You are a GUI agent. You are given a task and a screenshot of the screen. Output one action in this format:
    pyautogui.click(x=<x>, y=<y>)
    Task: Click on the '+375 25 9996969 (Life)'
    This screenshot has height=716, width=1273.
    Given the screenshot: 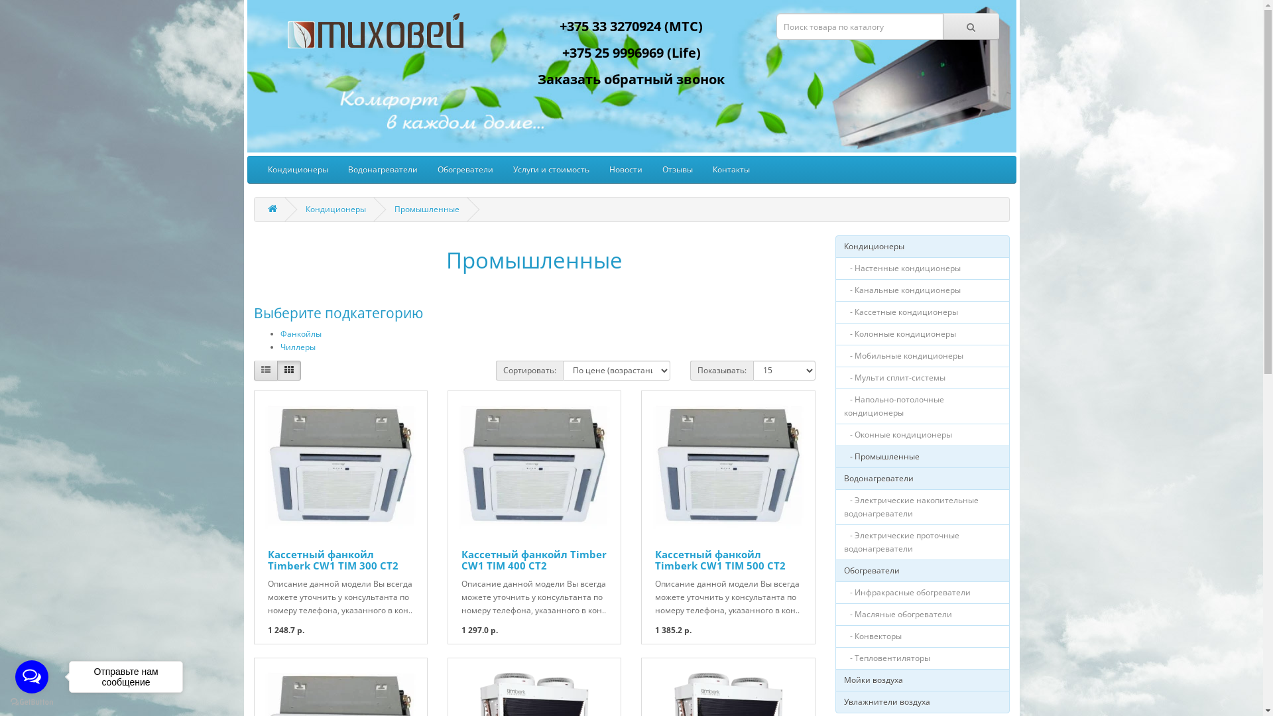 What is the action you would take?
    pyautogui.click(x=631, y=52)
    